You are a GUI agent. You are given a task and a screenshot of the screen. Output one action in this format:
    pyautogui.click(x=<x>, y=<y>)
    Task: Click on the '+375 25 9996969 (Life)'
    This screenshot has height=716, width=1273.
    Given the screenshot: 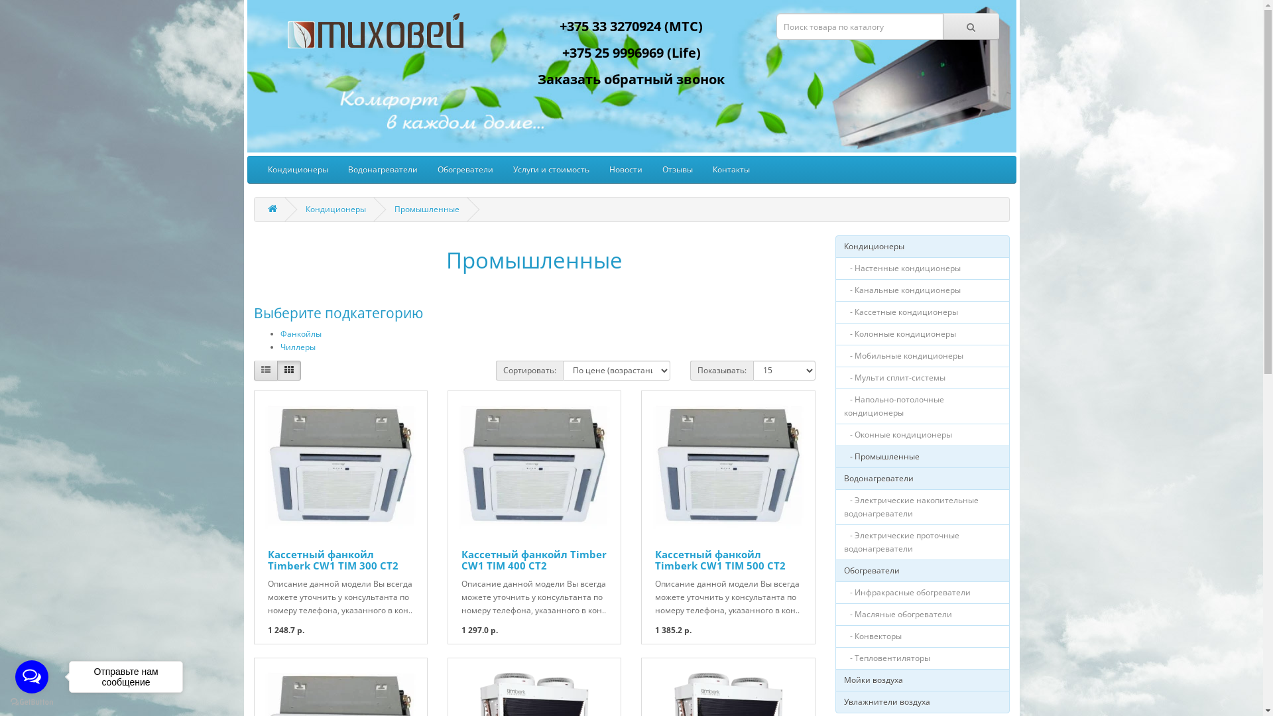 What is the action you would take?
    pyautogui.click(x=631, y=52)
    